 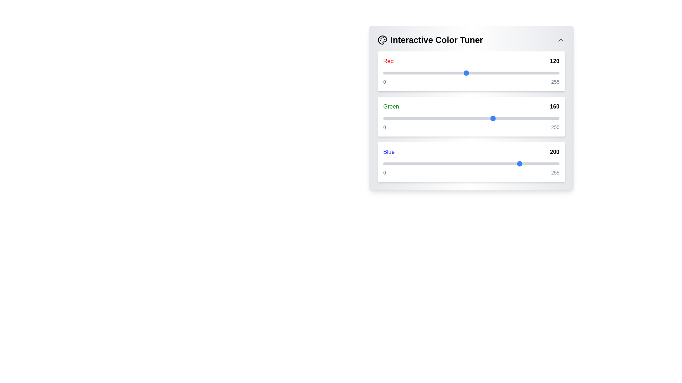 What do you see at coordinates (471, 73) in the screenshot?
I see `the slider handle of the horizontal input control for adjusting the red color intensity, located in the 'Interactive Color Tuner' card` at bounding box center [471, 73].